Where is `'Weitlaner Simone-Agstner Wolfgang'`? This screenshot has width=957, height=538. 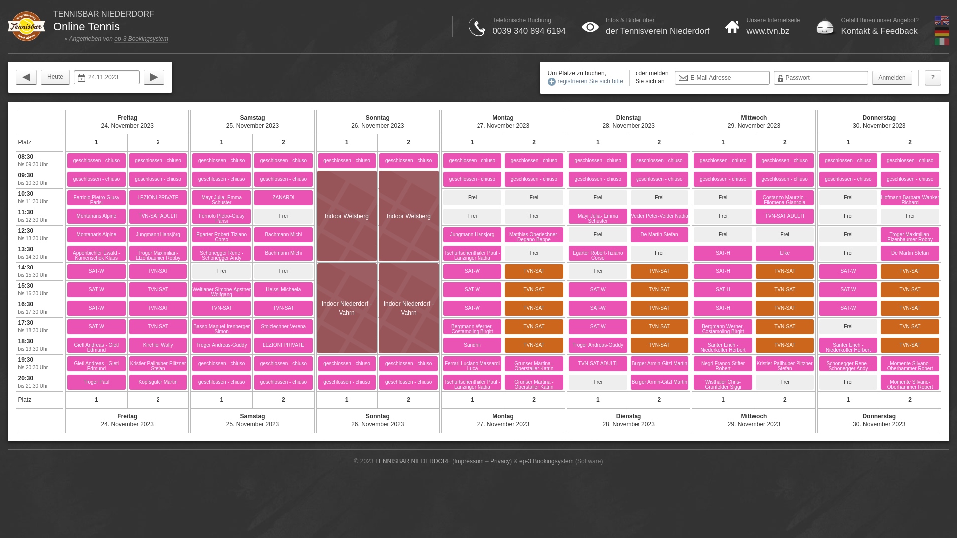 'Weitlaner Simone-Agstner Wolfgang' is located at coordinates (192, 290).